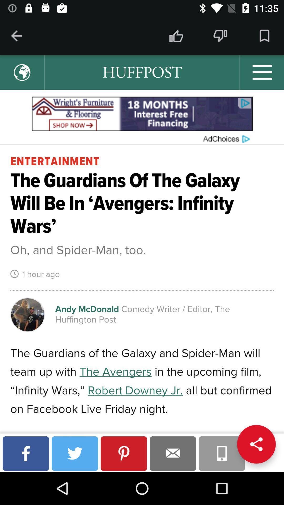  Describe the element at coordinates (256, 444) in the screenshot. I see `the share icon` at that location.